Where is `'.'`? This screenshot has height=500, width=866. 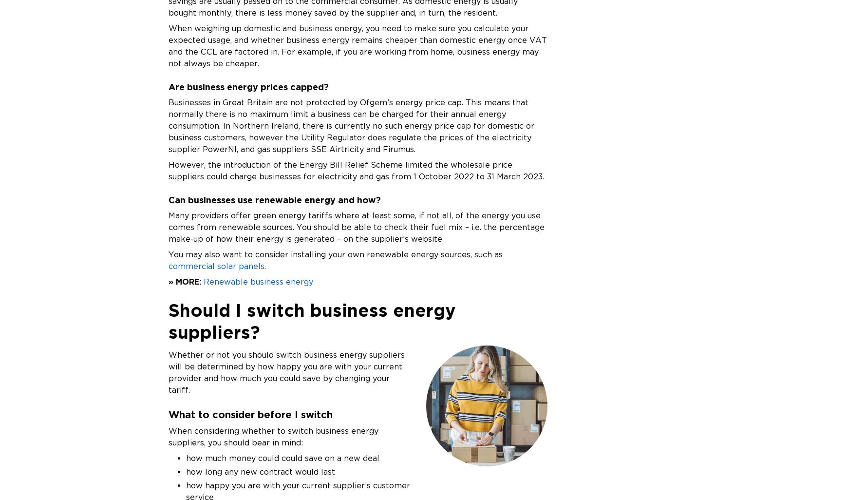
'.' is located at coordinates (264, 266).